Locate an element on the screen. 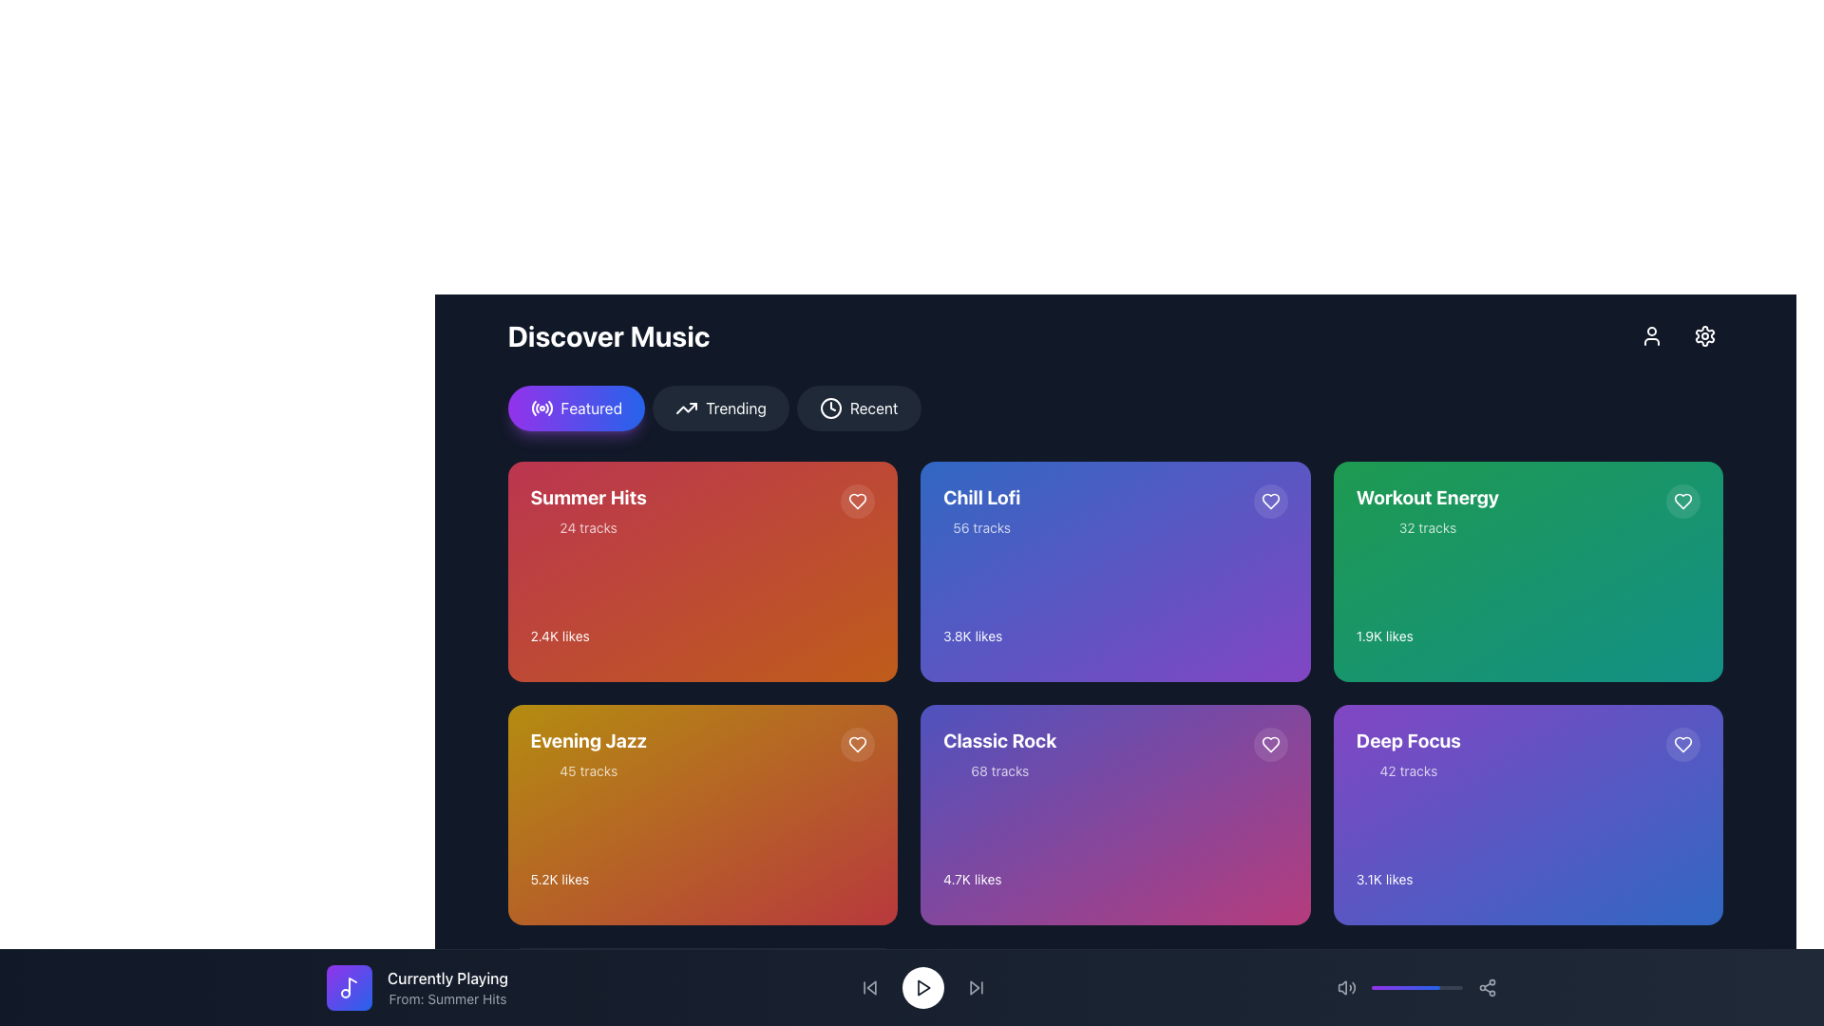  the 'Deep Focus' text block is located at coordinates (1408, 753).